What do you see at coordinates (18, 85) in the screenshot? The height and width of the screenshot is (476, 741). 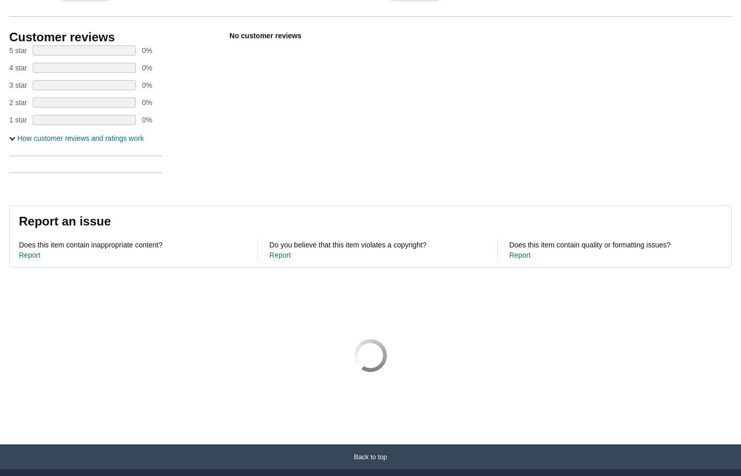 I see `'3 star'` at bounding box center [18, 85].